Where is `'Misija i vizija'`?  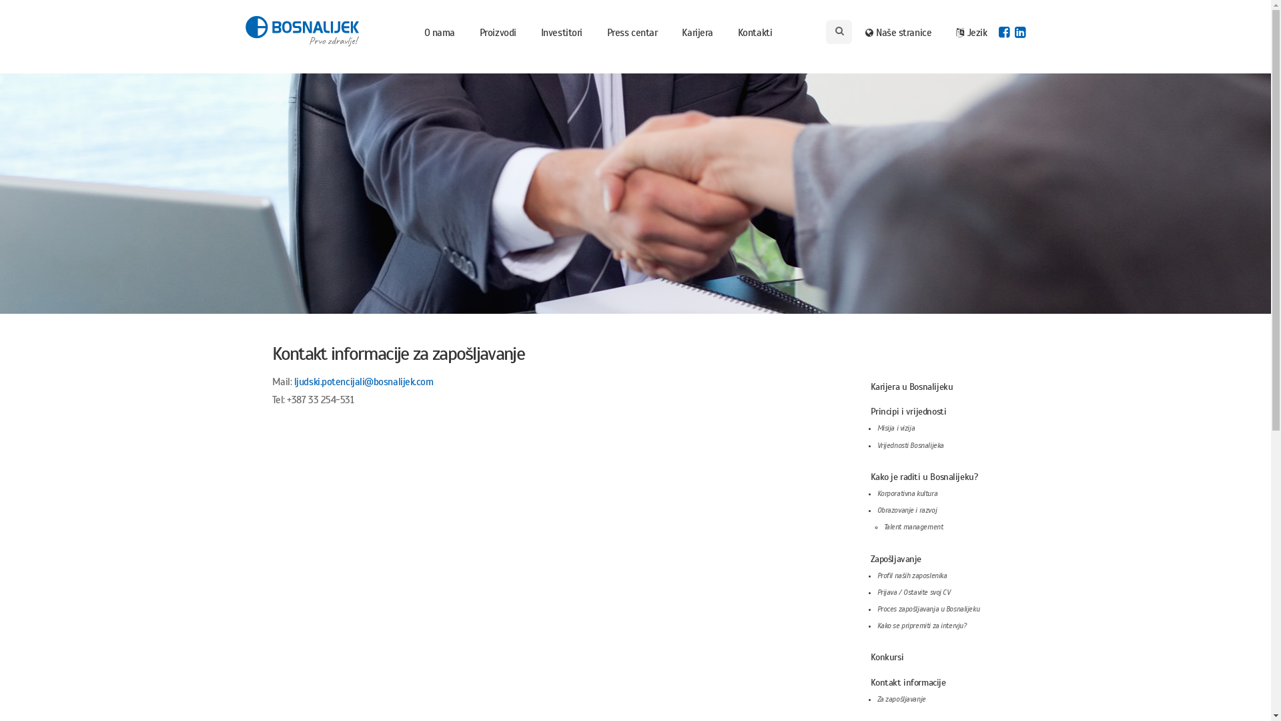 'Misija i vizija' is located at coordinates (895, 428).